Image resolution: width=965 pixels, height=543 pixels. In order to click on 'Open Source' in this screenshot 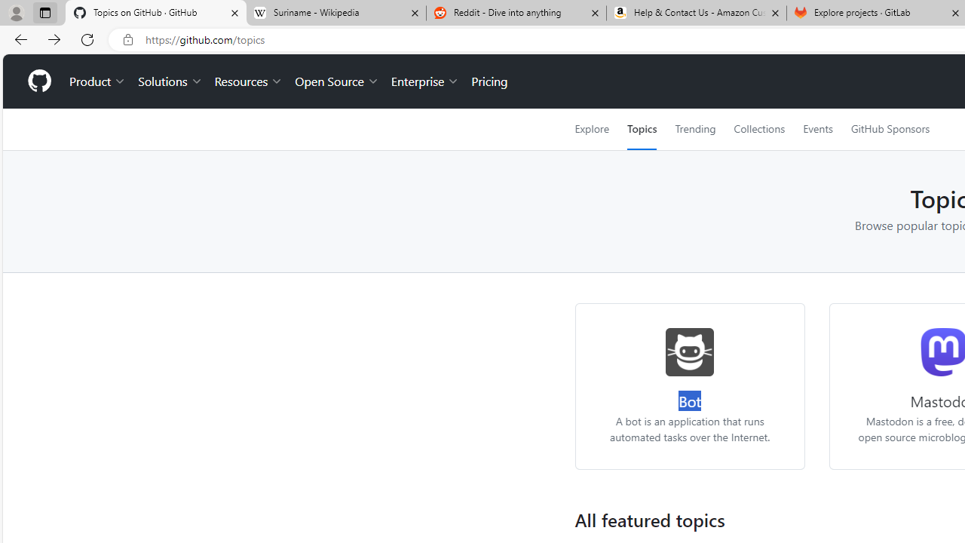, I will do `click(335, 81)`.